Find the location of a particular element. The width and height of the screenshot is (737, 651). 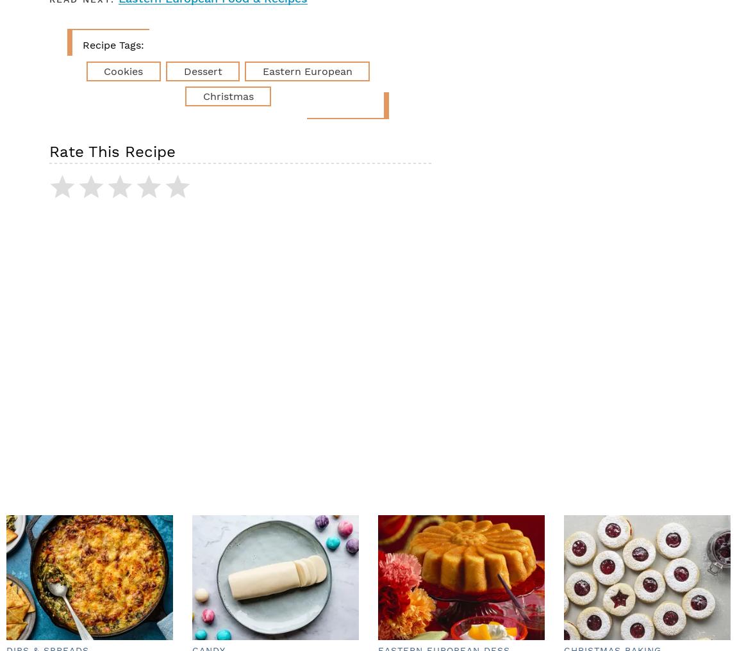

'Thanks for your rating!' is located at coordinates (201, 195).